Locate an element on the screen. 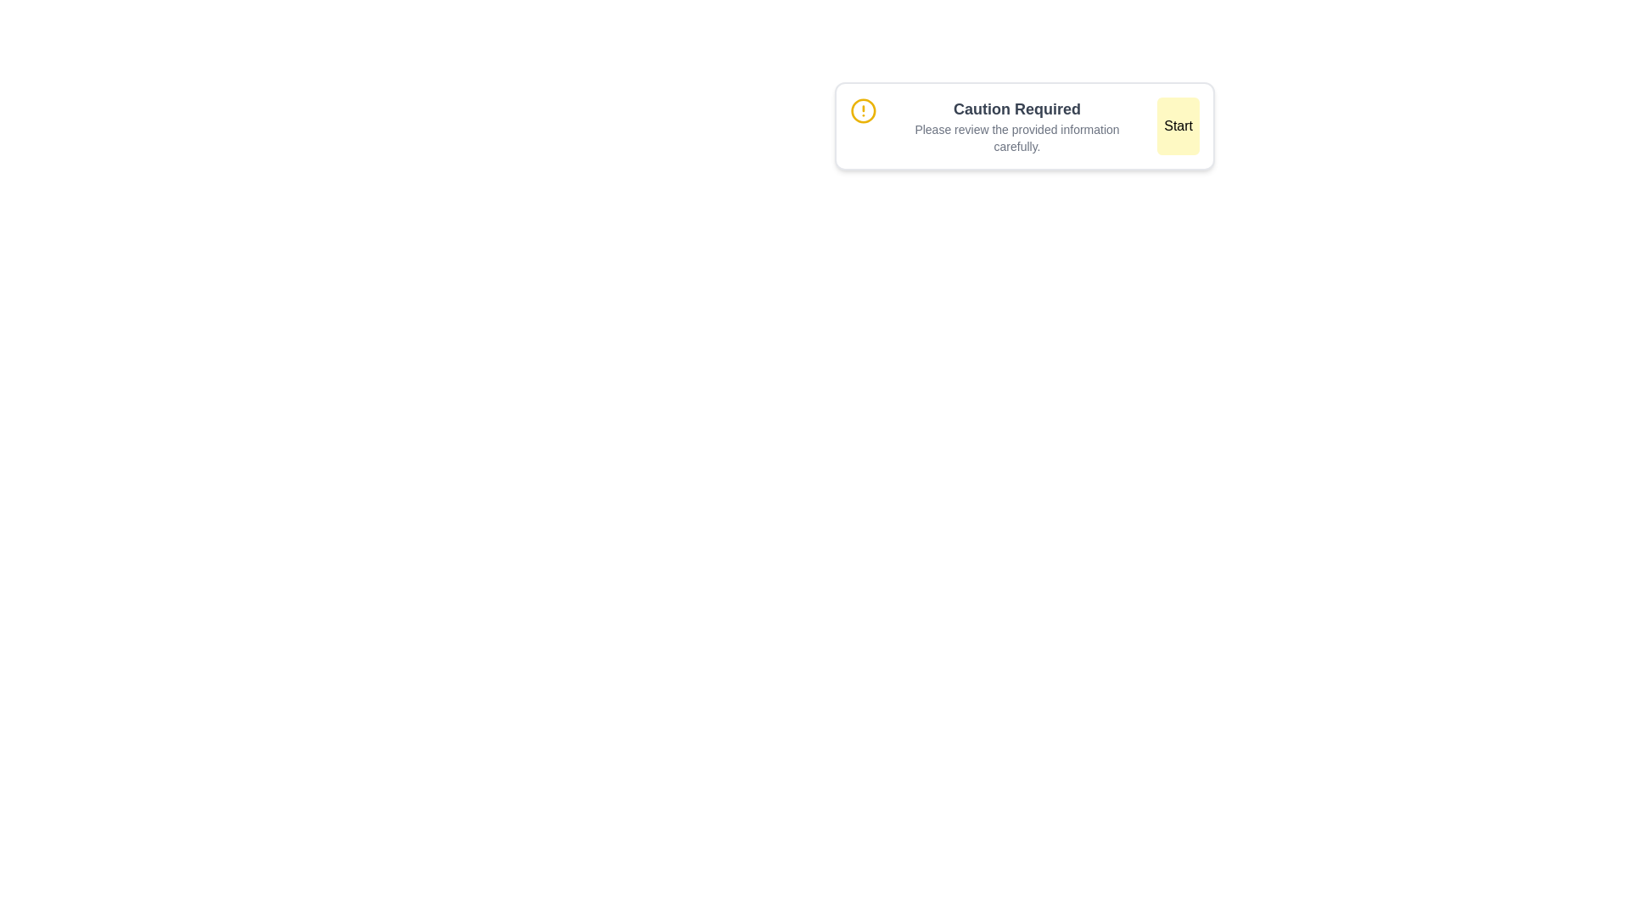 This screenshot has height=916, width=1629. the static text providing additional descriptive information located directly beneath the bold text 'Caution Required' is located at coordinates (1017, 137).